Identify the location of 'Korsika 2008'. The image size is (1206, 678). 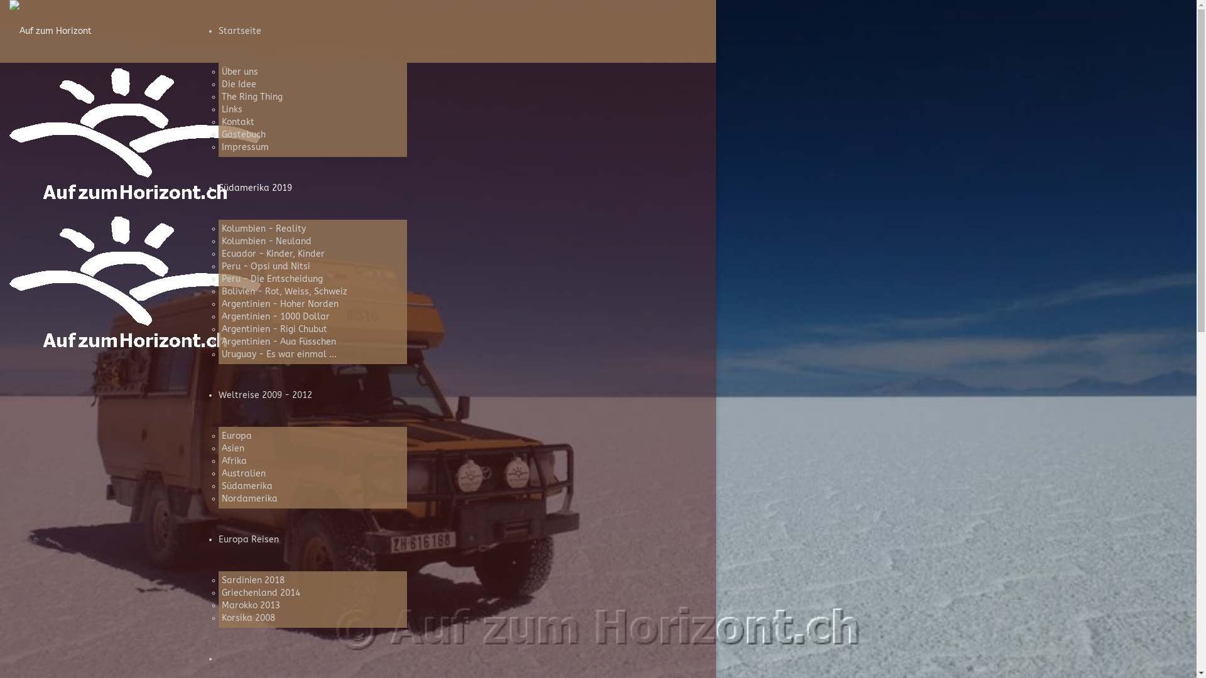
(247, 617).